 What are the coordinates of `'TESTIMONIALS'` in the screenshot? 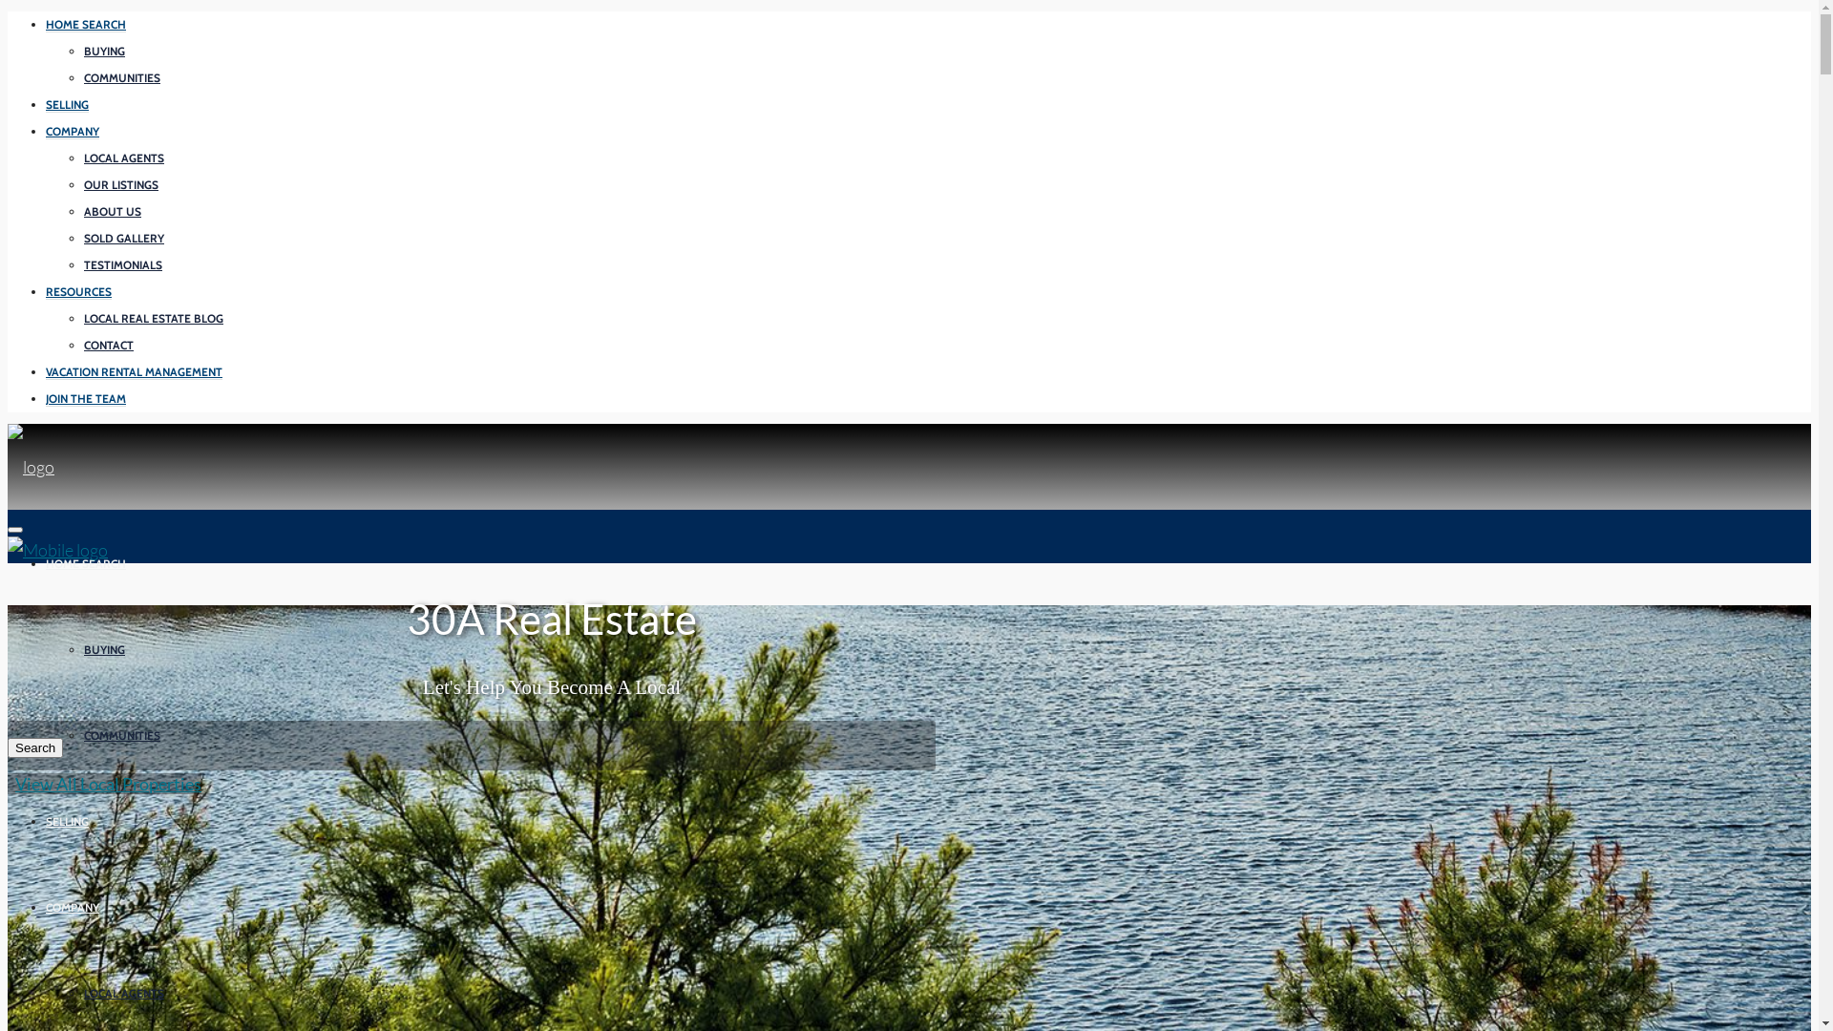 It's located at (122, 264).